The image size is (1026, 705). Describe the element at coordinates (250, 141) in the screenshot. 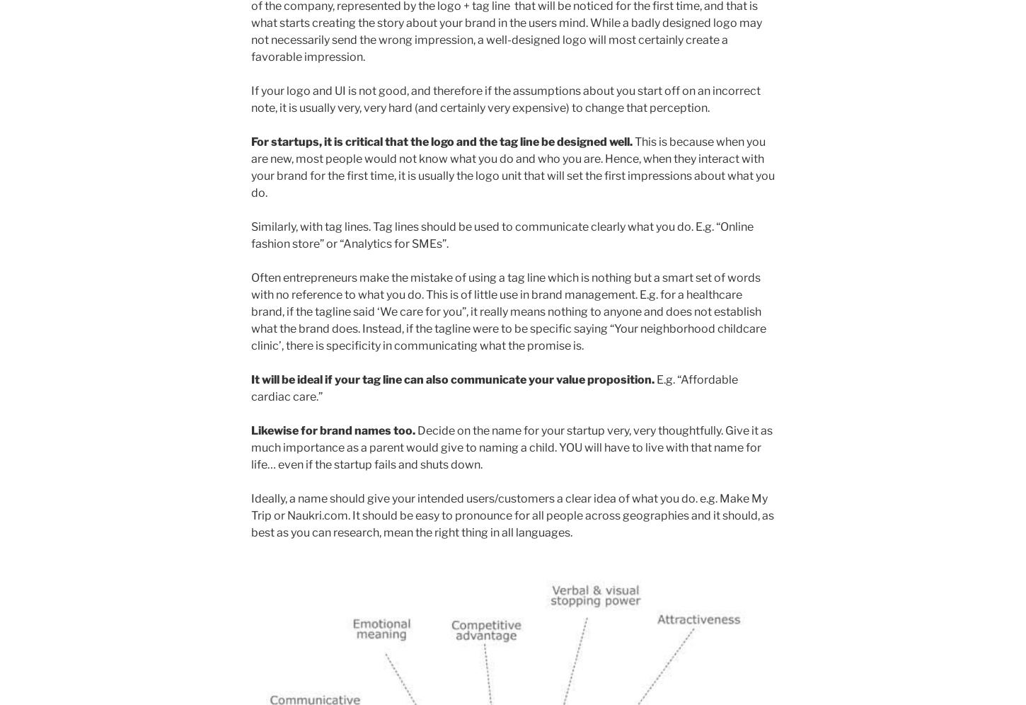

I see `'For startups, it is critical that the logo and the tag line be designed well.'` at that location.